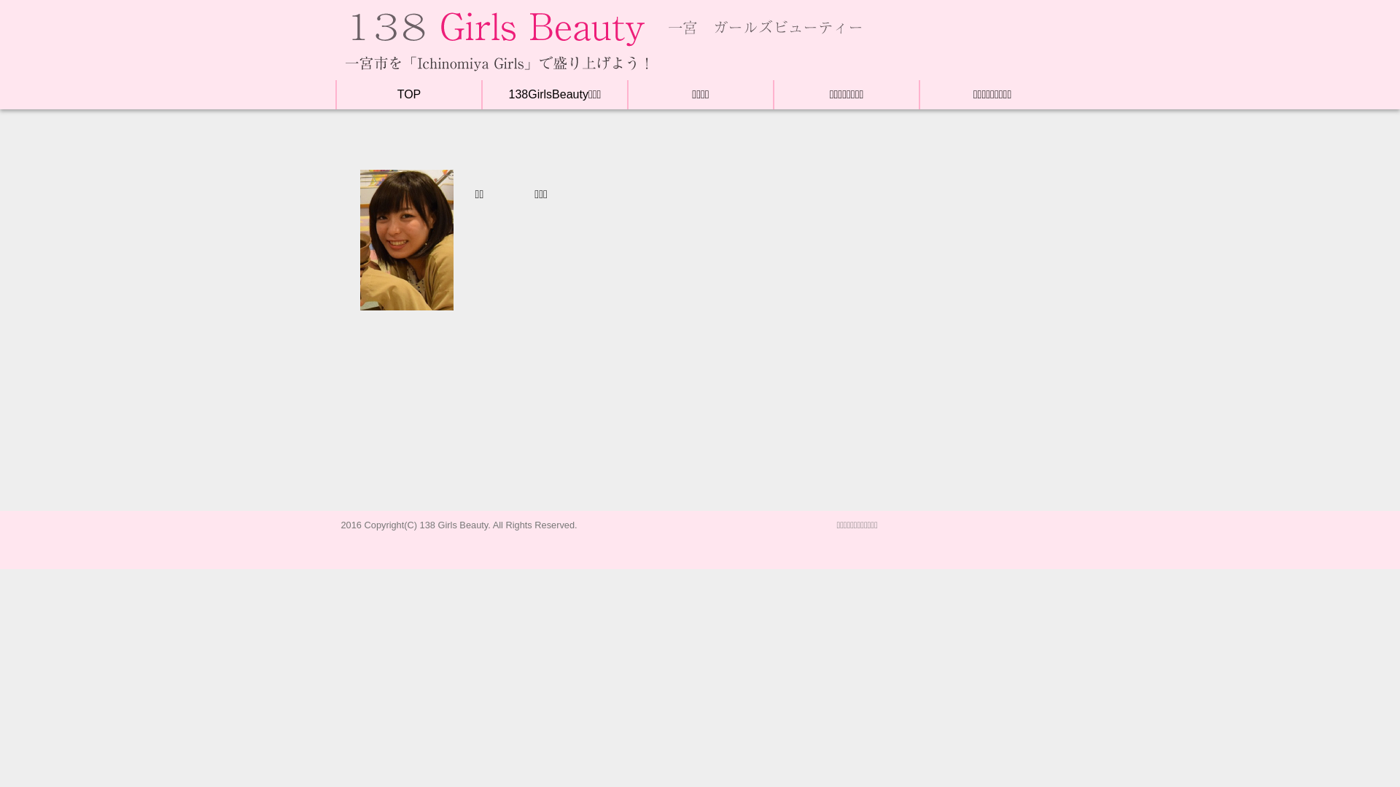 This screenshot has width=1400, height=787. What do you see at coordinates (408, 94) in the screenshot?
I see `'TOP'` at bounding box center [408, 94].